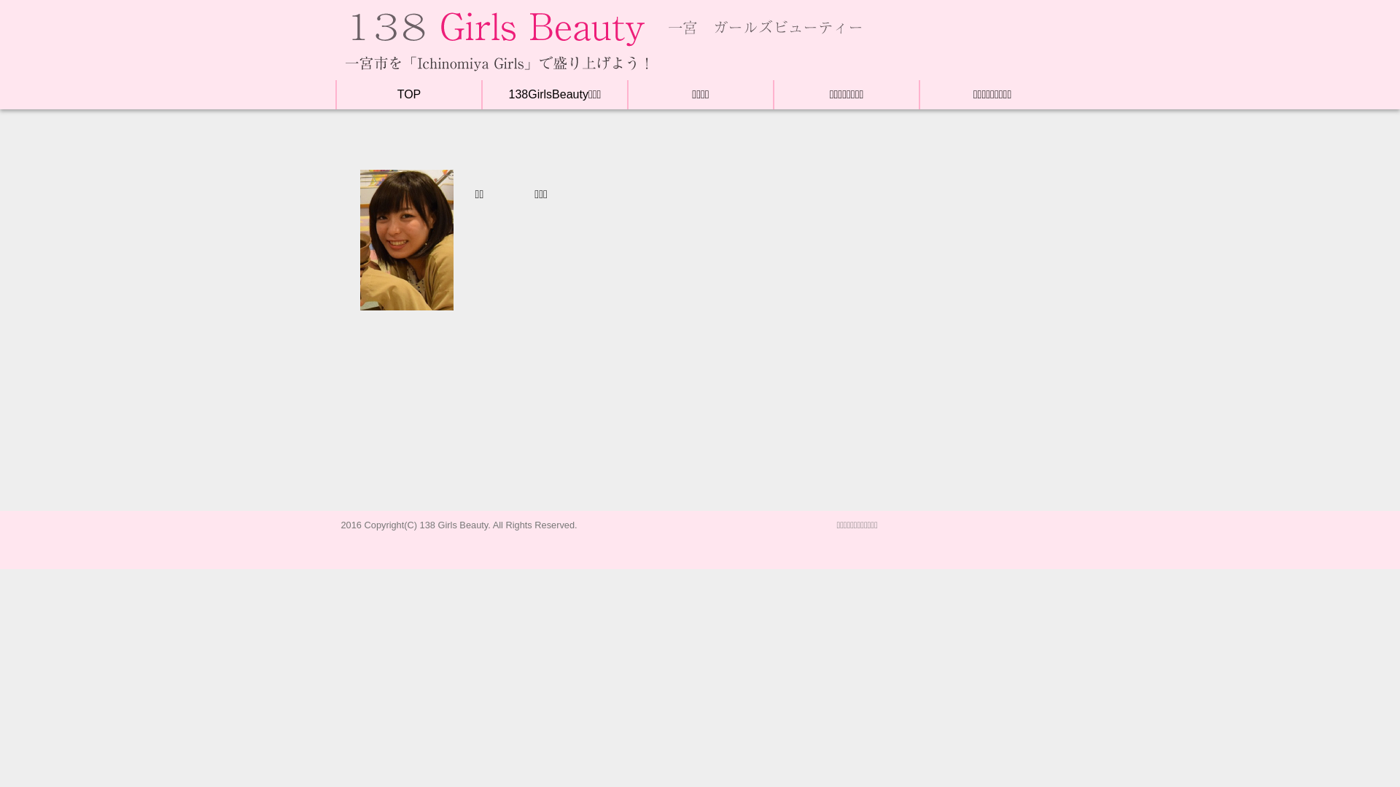 This screenshot has width=1400, height=787. What do you see at coordinates (408, 94) in the screenshot?
I see `'TOP'` at bounding box center [408, 94].